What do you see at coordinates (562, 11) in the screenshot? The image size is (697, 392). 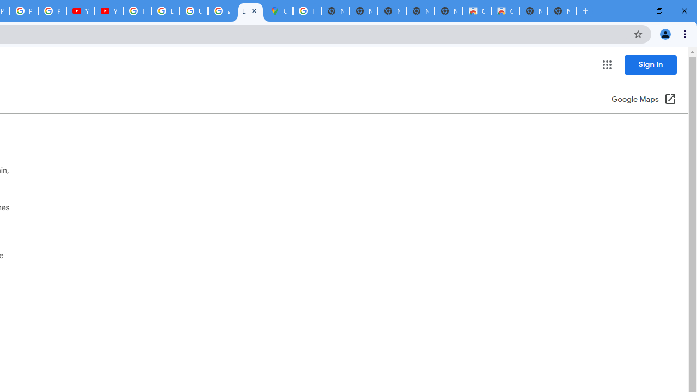 I see `'New Tab'` at bounding box center [562, 11].